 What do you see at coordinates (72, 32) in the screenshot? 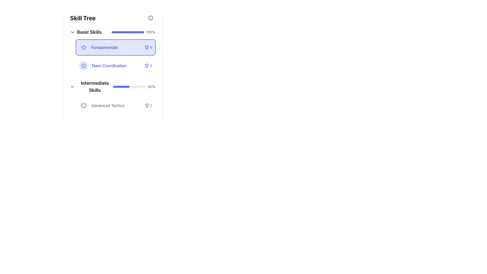
I see `the chevron button` at bounding box center [72, 32].